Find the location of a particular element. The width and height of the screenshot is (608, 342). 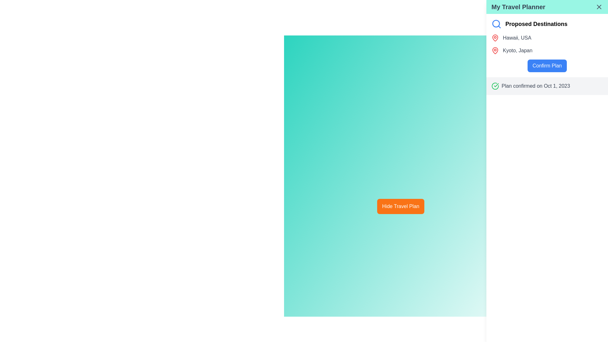

the header label 'Proposed Destinations' located at the top of the right-hand side panel 'My Travel Planner', which features a blue magnifying glass icon next to it is located at coordinates (547, 24).